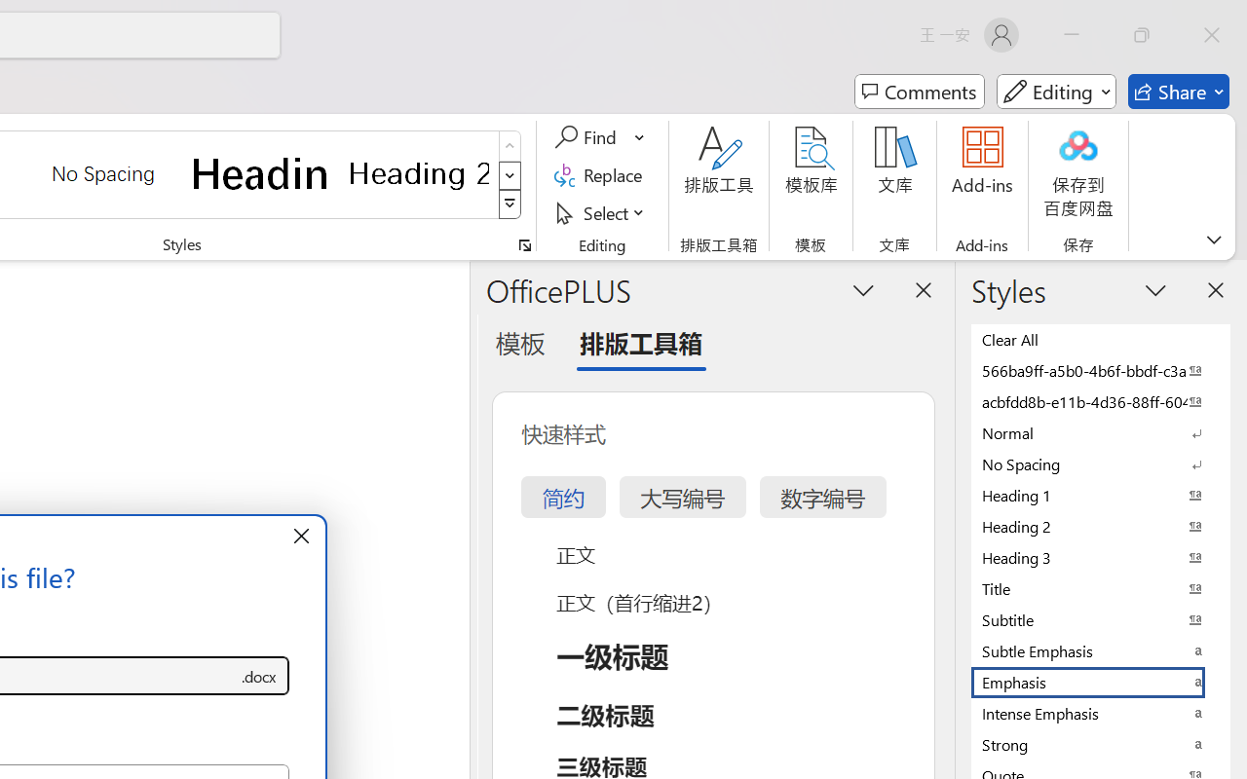  I want to click on 'No Spacing', so click(1101, 464).